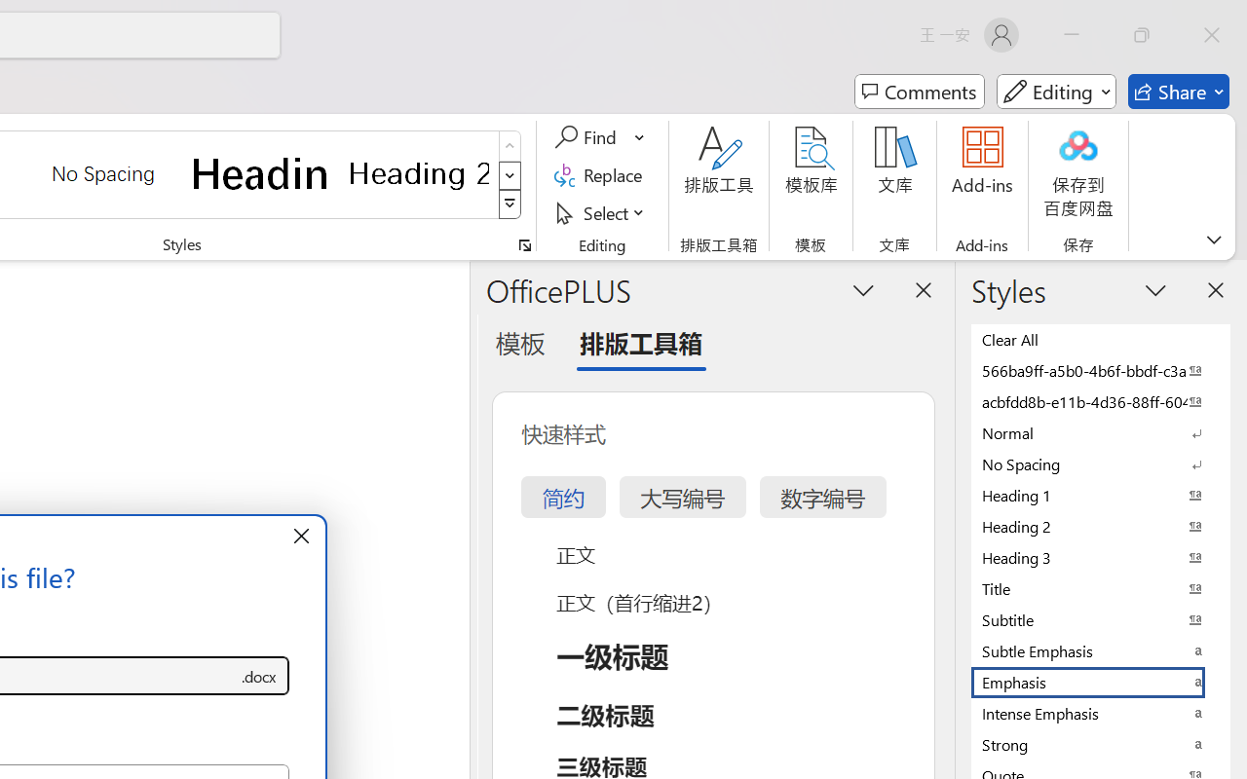  I want to click on 'No Spacing', so click(1101, 464).